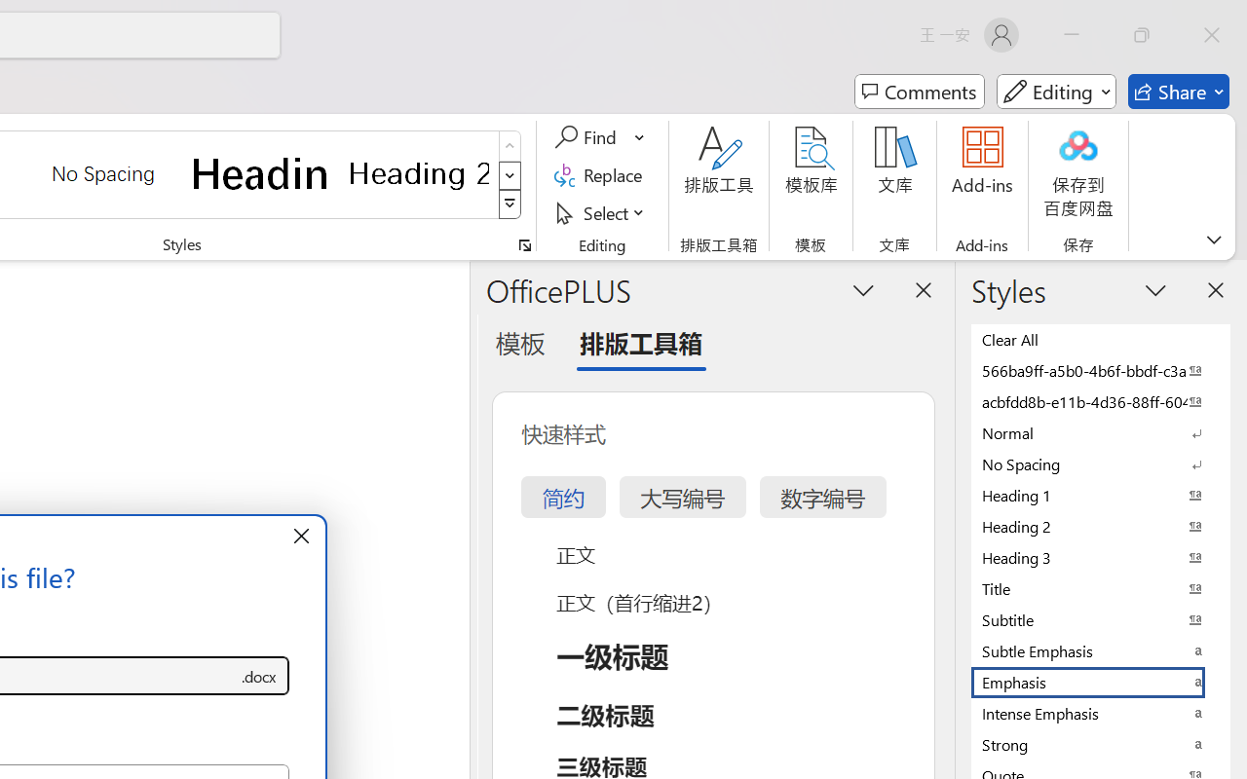  I want to click on 'No Spacing', so click(1101, 464).